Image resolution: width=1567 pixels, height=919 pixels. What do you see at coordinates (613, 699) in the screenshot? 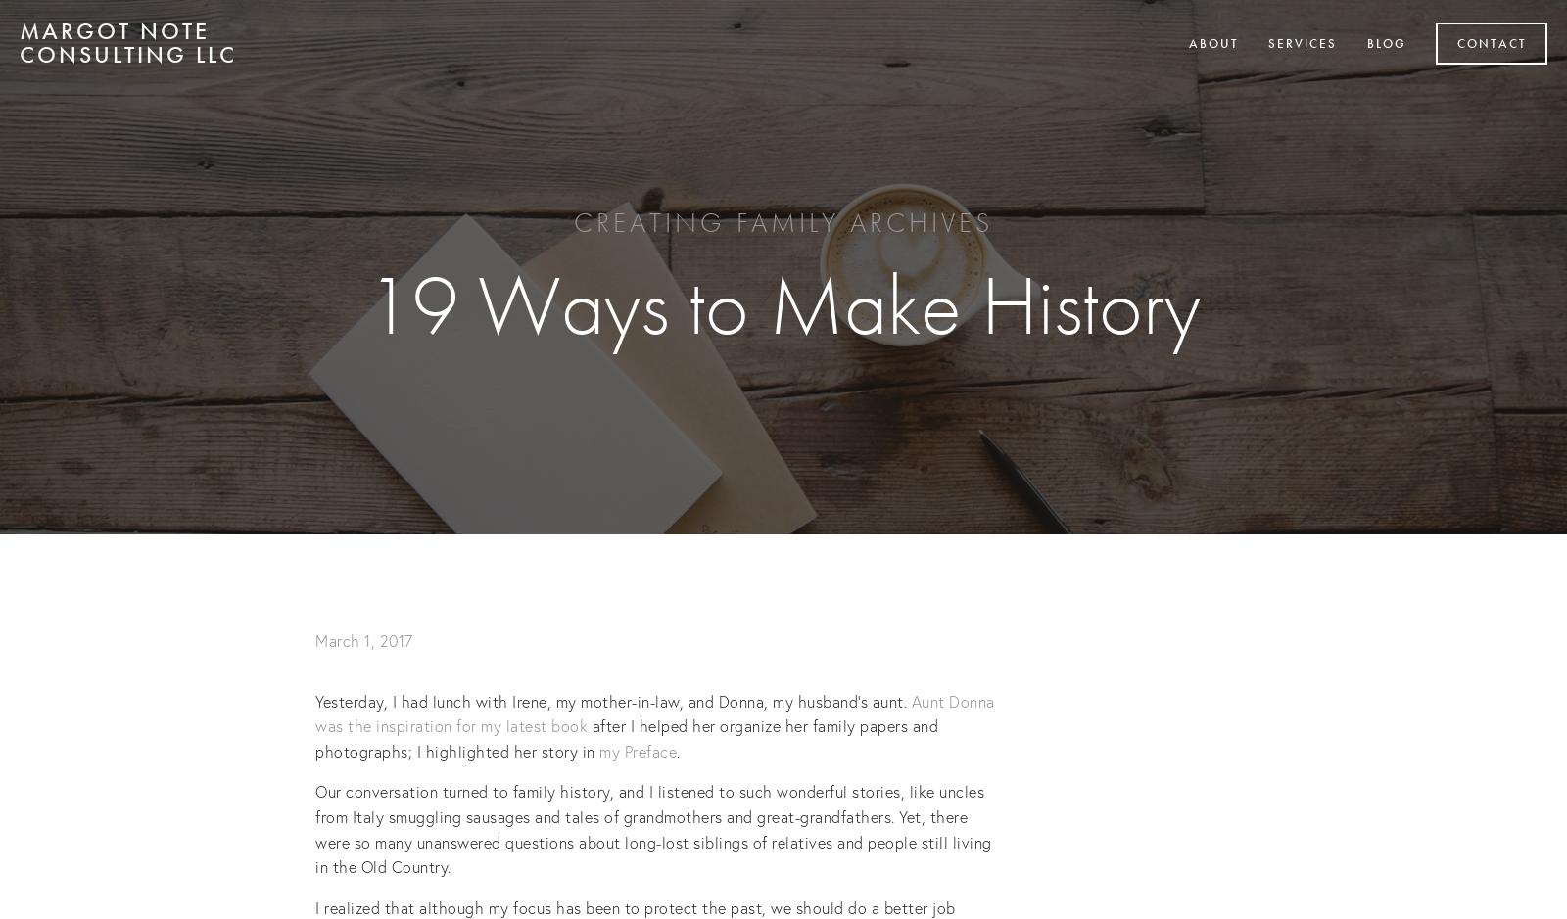
I see `'Yesterday, I had lunch with Irene, my mother-in-law, and Donna, my husband’s aunt.'` at bounding box center [613, 699].